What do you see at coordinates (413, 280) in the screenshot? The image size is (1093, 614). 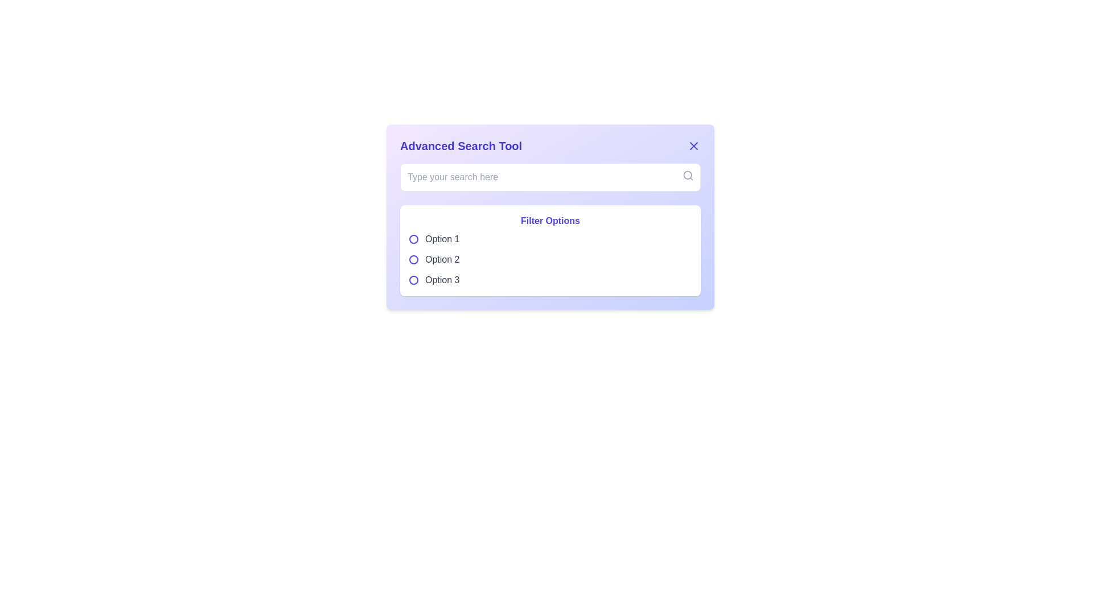 I see `the radio button located next to the text 'Option 3'` at bounding box center [413, 280].